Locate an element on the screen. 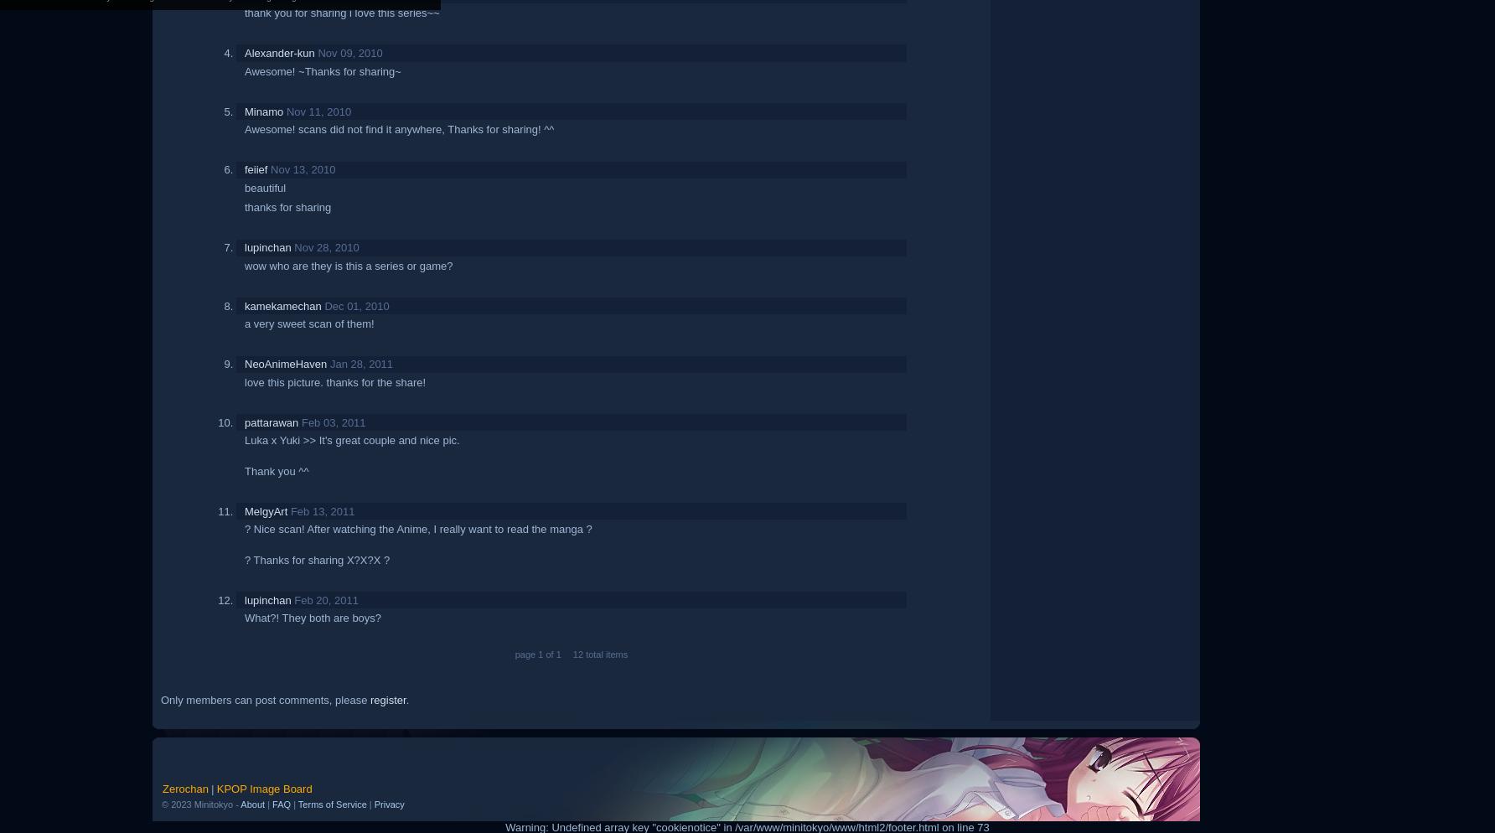 The image size is (1495, 833). 'MelgyArt' is located at coordinates (266, 510).